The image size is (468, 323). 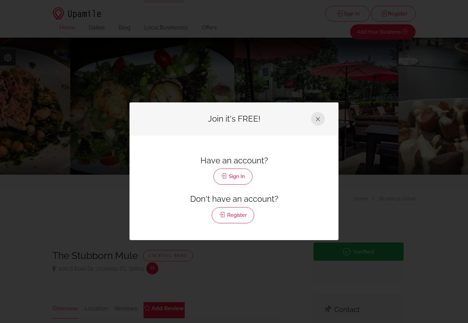 I want to click on 'Location', so click(x=96, y=307).